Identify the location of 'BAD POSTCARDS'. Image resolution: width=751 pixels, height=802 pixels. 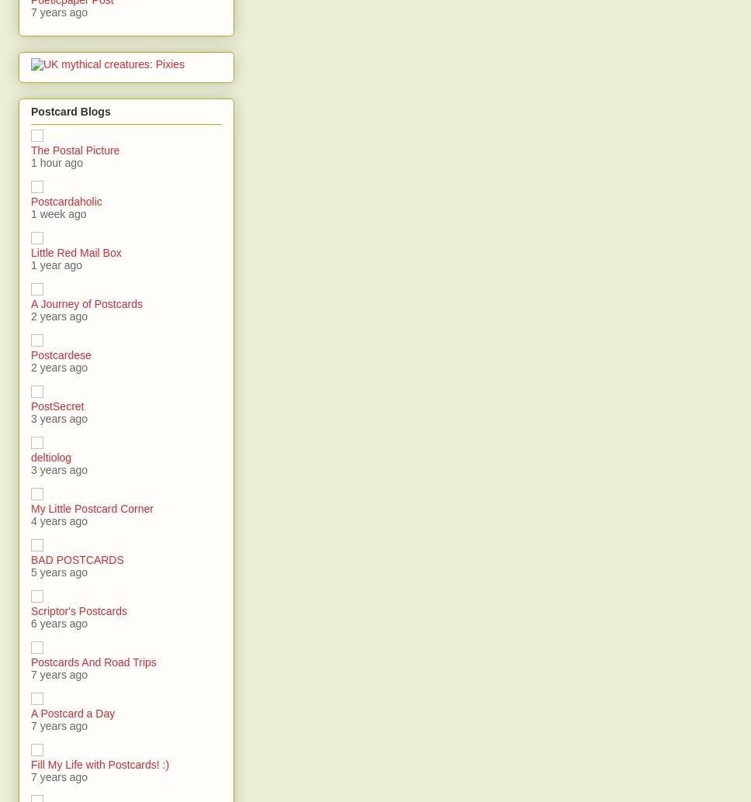
(77, 560).